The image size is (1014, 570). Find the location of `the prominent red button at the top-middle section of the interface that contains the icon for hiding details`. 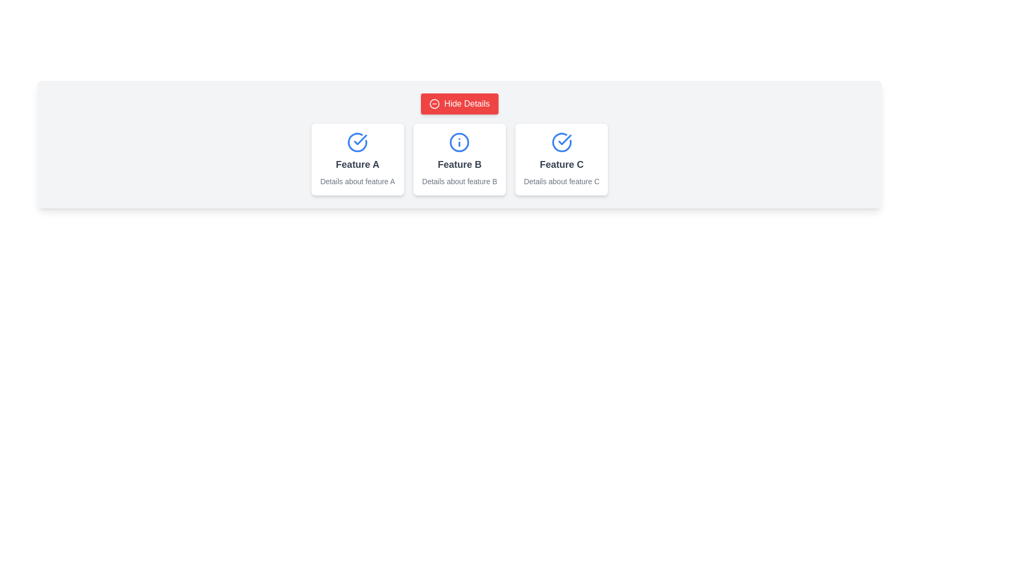

the prominent red button at the top-middle section of the interface that contains the icon for hiding details is located at coordinates (435, 103).